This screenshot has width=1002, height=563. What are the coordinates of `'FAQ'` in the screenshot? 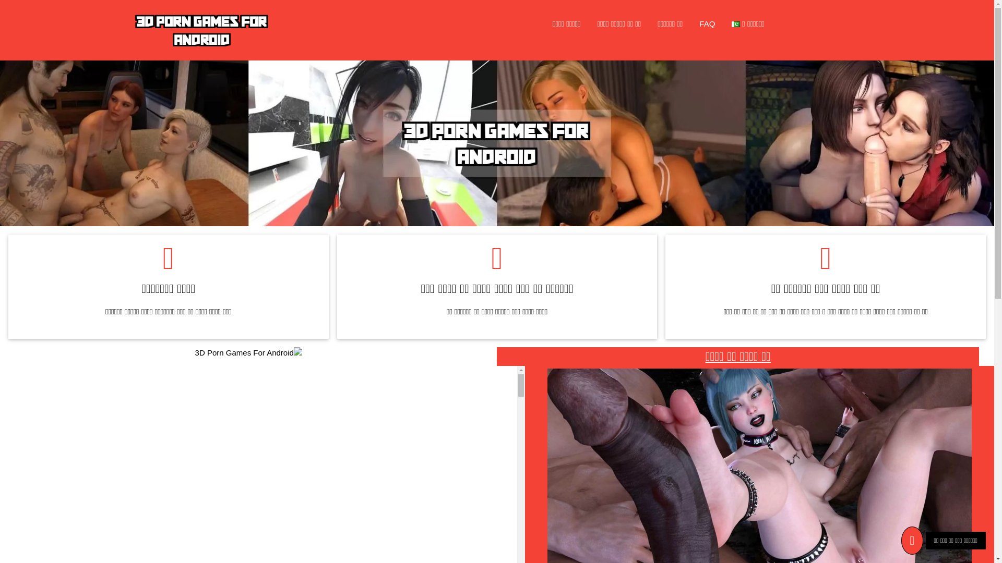 It's located at (707, 23).